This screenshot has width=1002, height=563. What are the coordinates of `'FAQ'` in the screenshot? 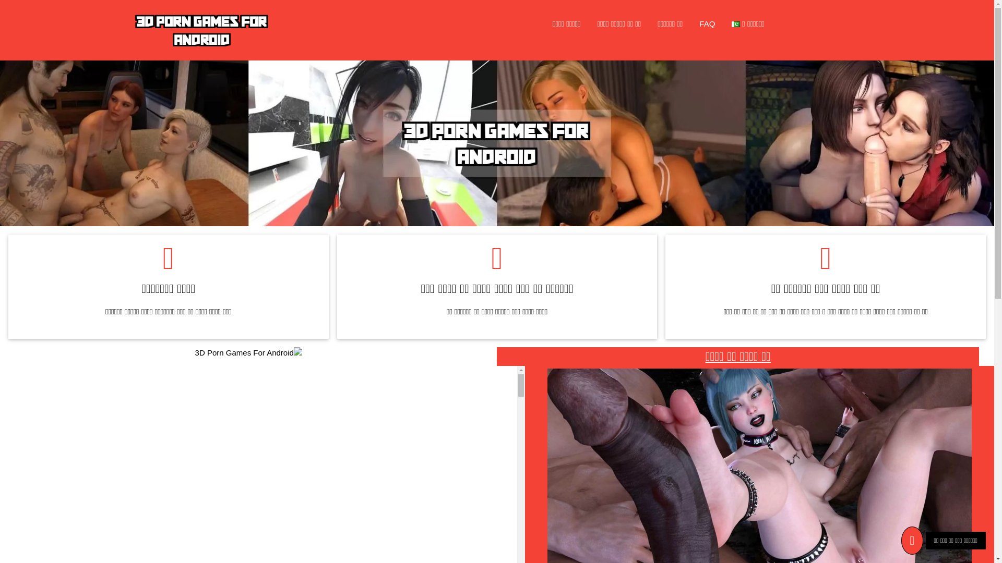 It's located at (707, 23).